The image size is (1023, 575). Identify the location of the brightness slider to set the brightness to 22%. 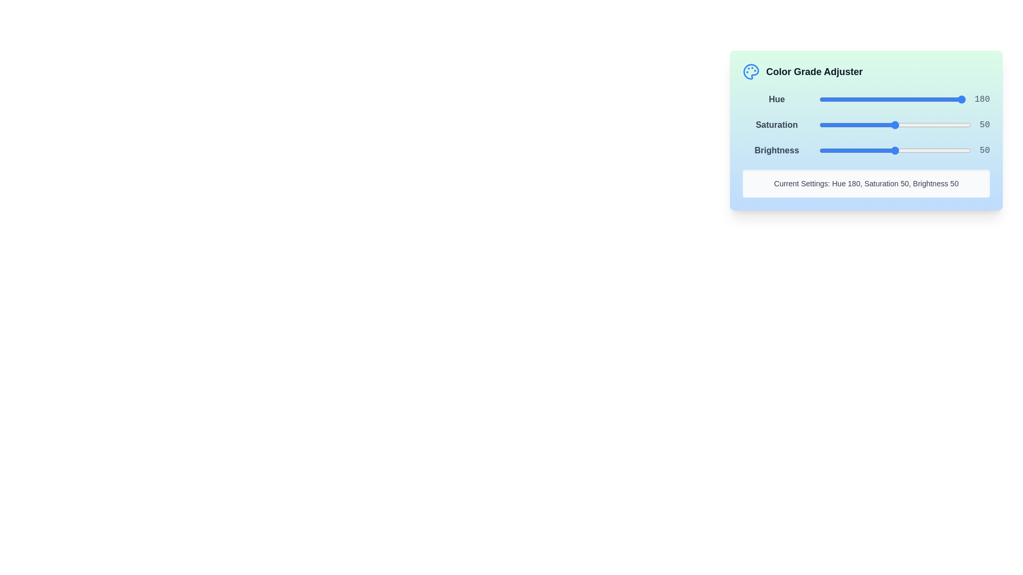
(852, 150).